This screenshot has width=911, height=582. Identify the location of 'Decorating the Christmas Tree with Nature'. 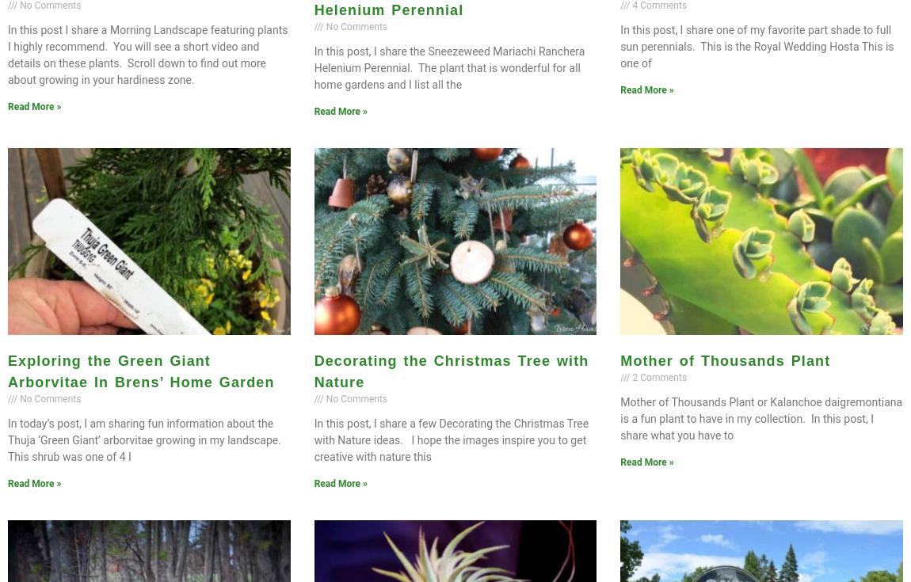
(451, 370).